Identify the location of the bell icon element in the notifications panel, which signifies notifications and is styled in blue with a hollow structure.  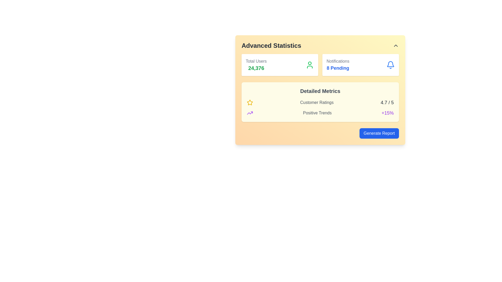
(390, 65).